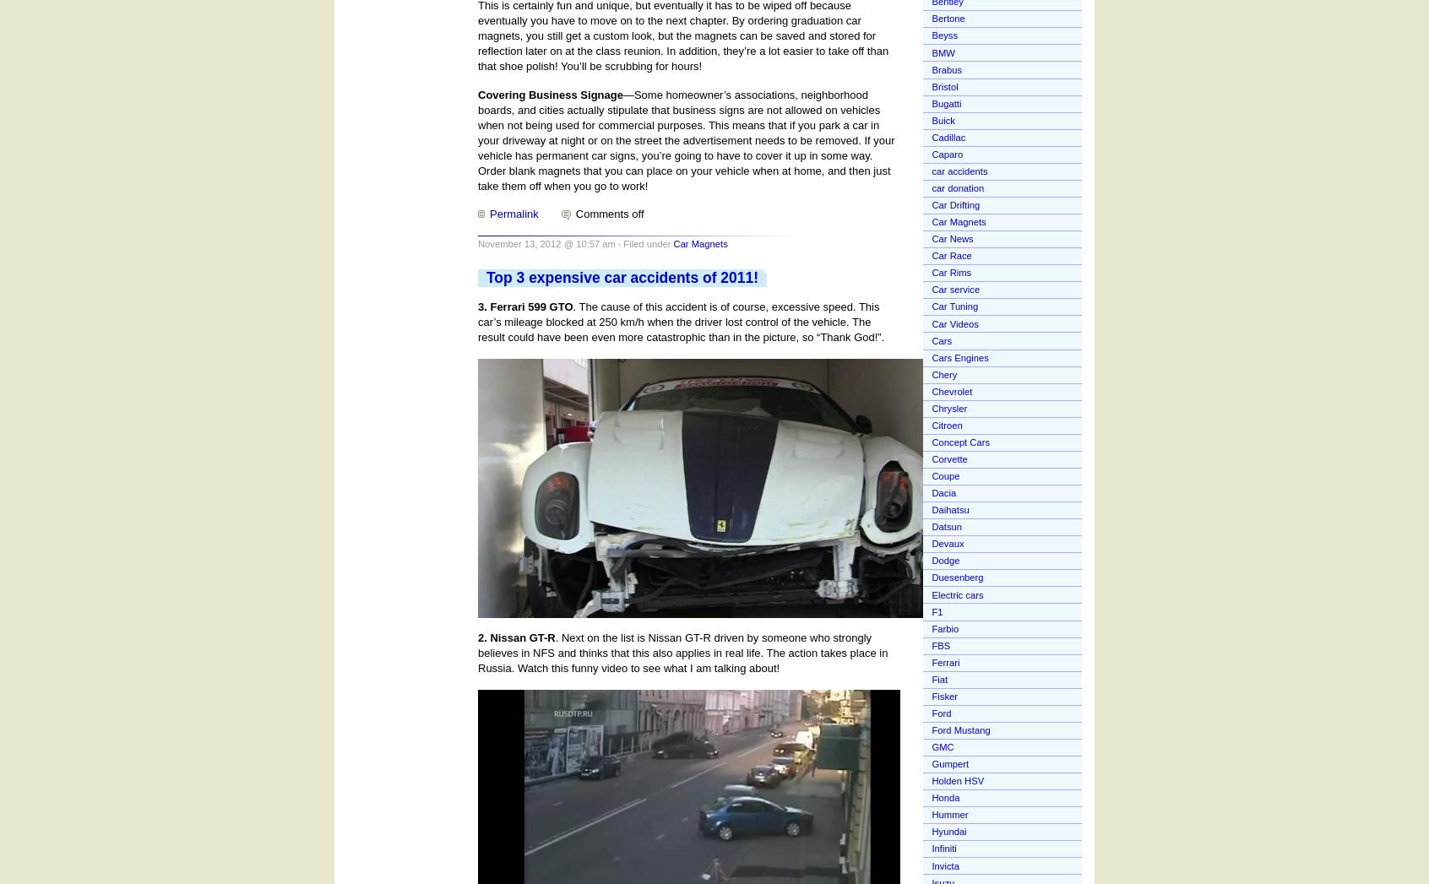 The height and width of the screenshot is (884, 1429). What do you see at coordinates (956, 577) in the screenshot?
I see `'Duesenberg'` at bounding box center [956, 577].